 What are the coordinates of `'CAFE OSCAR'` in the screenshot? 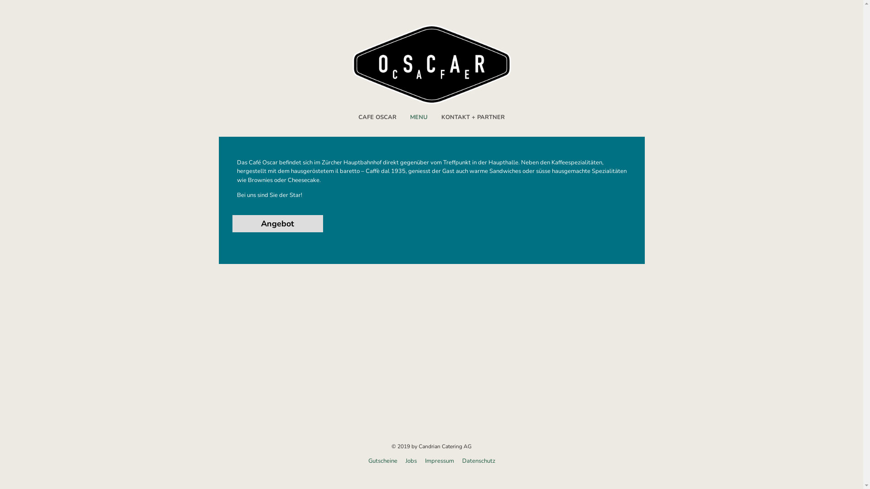 It's located at (351, 117).